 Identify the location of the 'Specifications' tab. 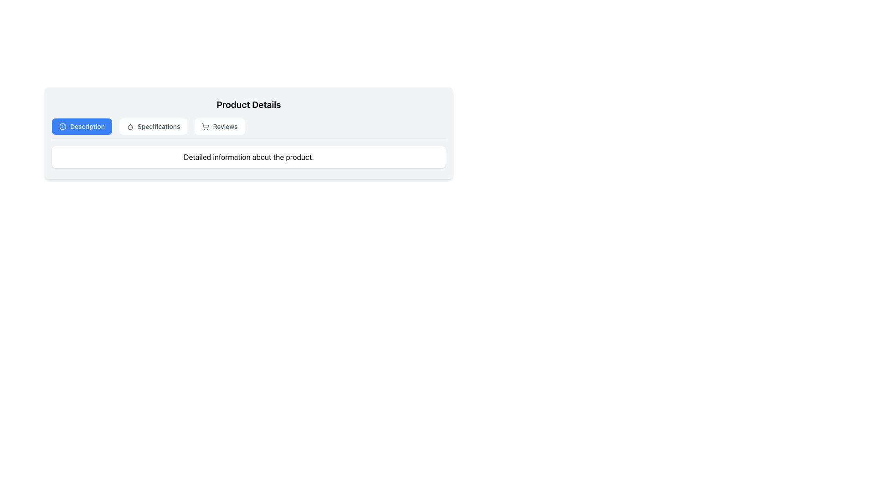
(153, 126).